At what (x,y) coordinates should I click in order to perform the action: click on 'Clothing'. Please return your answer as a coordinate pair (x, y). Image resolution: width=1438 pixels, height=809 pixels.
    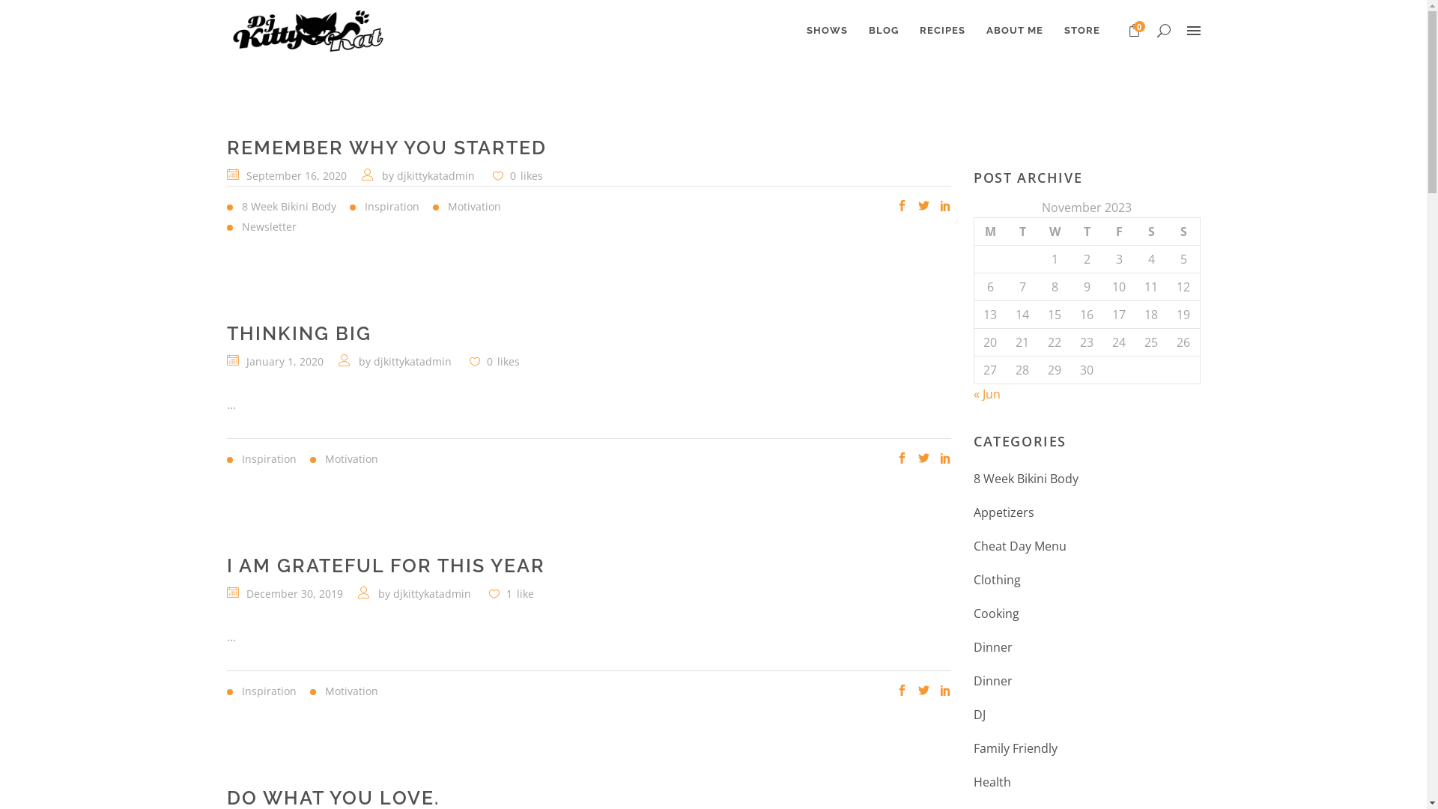
    Looking at the image, I should click on (997, 579).